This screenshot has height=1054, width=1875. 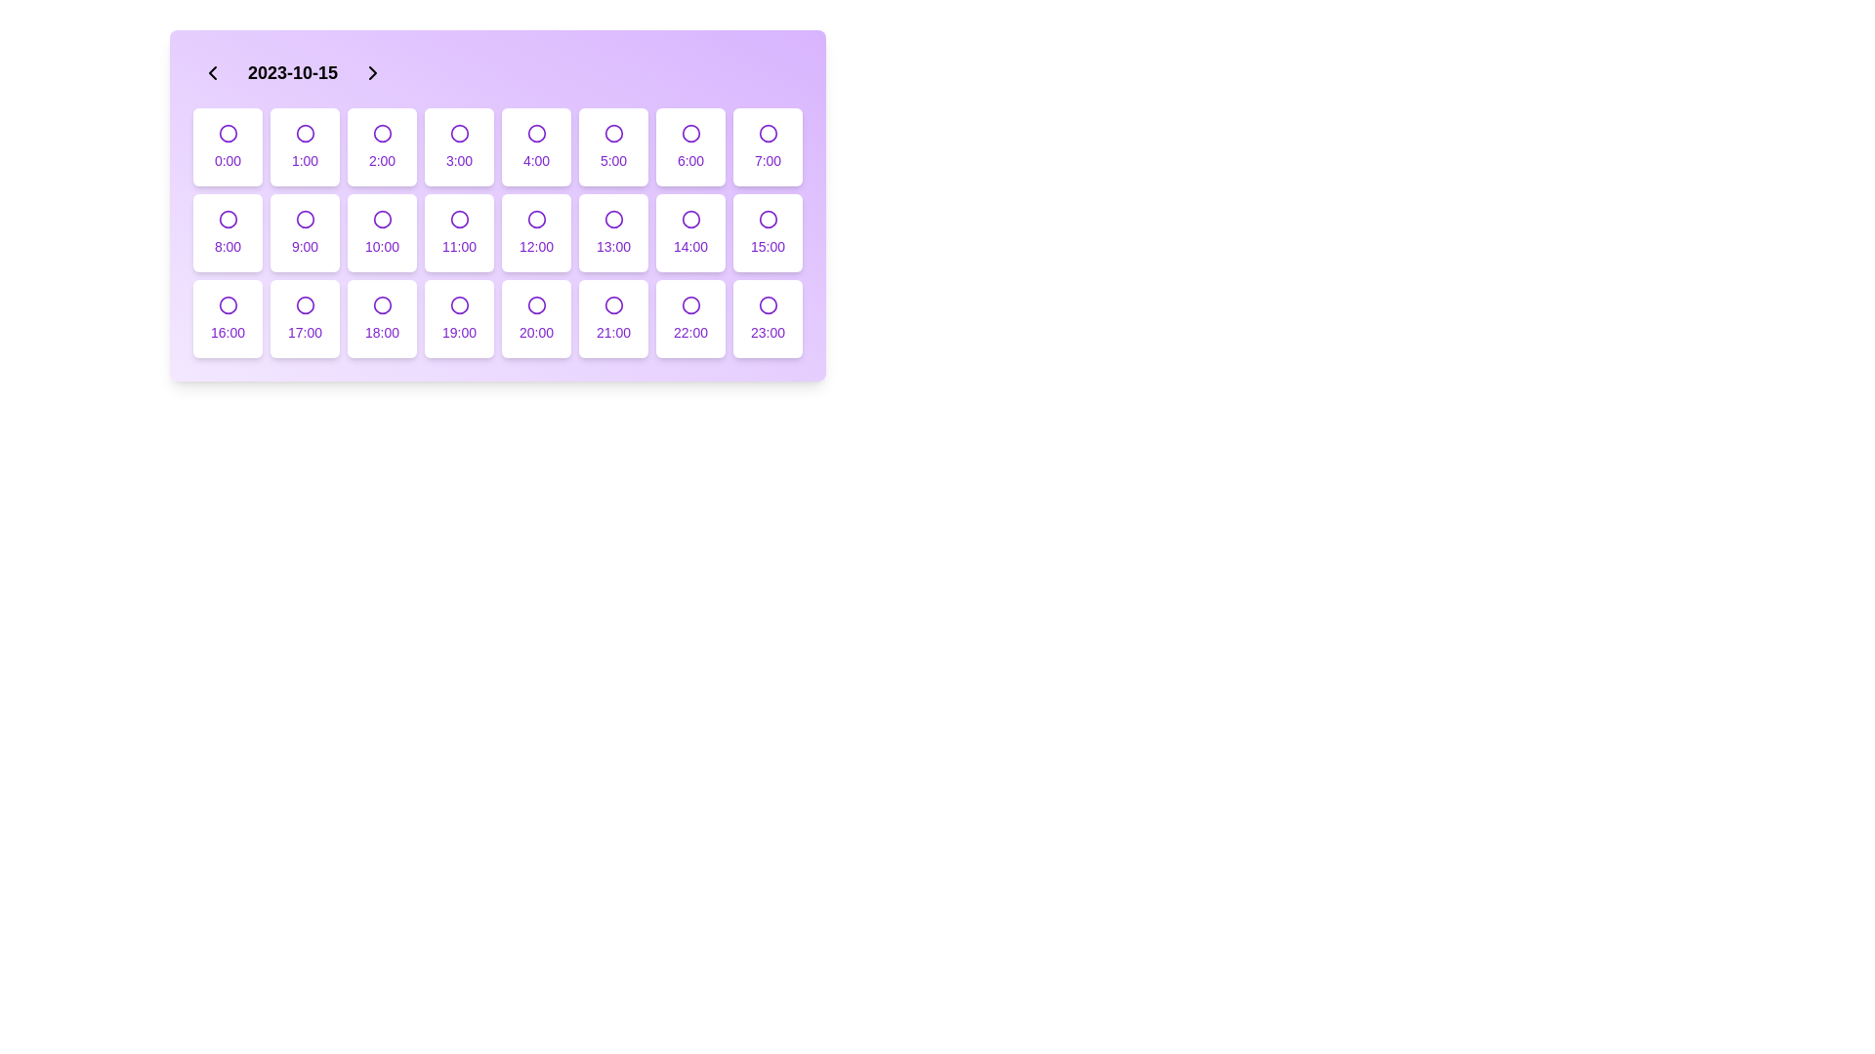 What do you see at coordinates (212, 71) in the screenshot?
I see `the leftmost navigation button for moving to the previous day in the calendar interface to observe the background color change` at bounding box center [212, 71].